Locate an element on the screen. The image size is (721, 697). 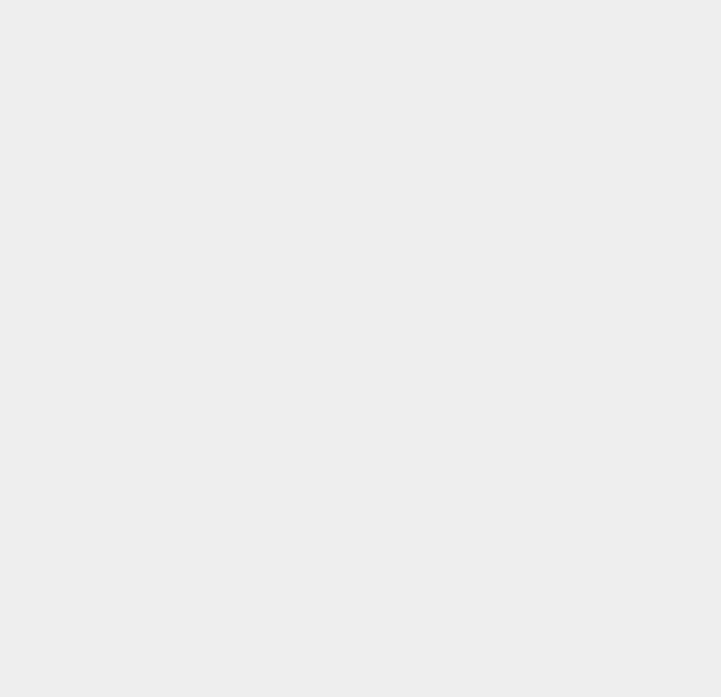
'Wordpress Plugins' is located at coordinates (547, 222).